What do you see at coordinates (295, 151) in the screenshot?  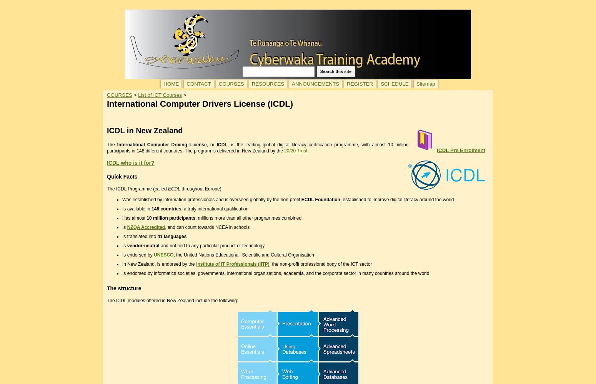 I see `'20/20 Trust'` at bounding box center [295, 151].